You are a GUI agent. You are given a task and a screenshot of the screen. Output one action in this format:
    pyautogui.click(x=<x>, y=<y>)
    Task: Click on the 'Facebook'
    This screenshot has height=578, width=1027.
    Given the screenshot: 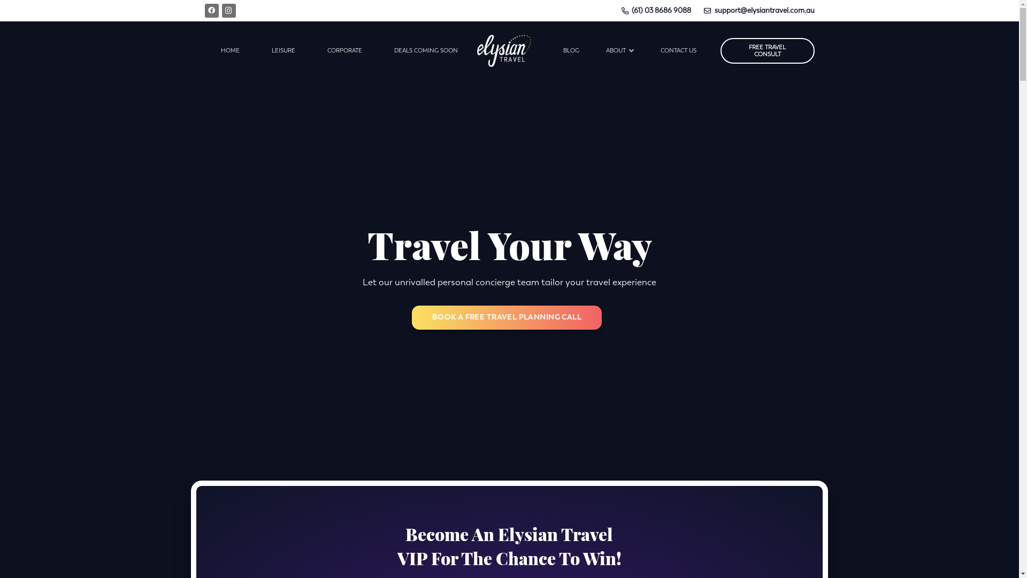 What is the action you would take?
    pyautogui.click(x=211, y=10)
    